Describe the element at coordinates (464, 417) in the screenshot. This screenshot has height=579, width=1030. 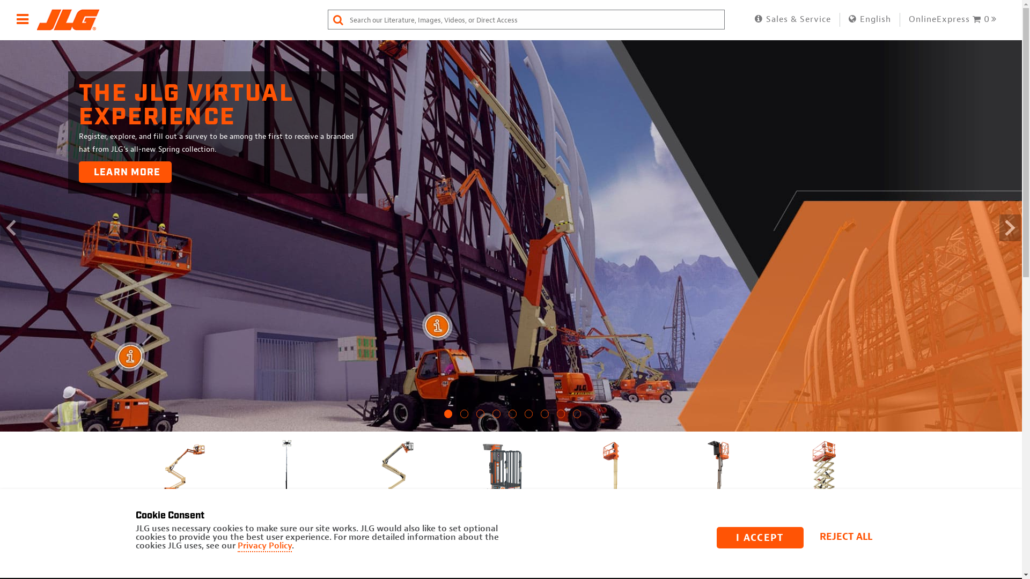
I see `'2'` at that location.